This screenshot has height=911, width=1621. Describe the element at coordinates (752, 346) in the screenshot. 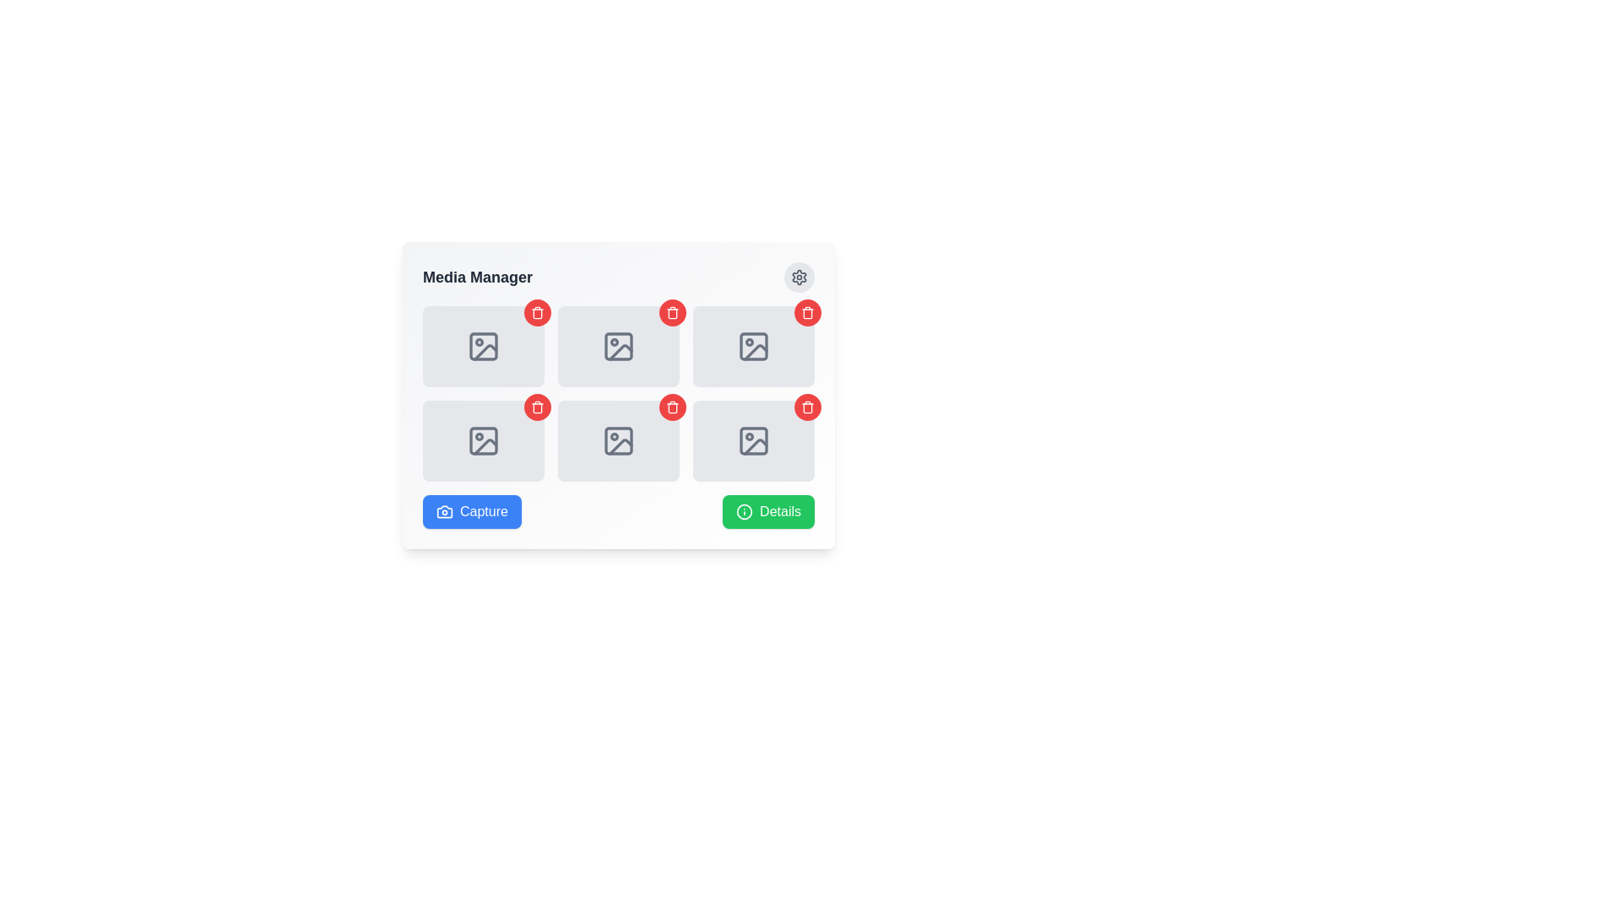

I see `the Image Placeholder with Action Icon located at the bottom-right of a grid` at that location.